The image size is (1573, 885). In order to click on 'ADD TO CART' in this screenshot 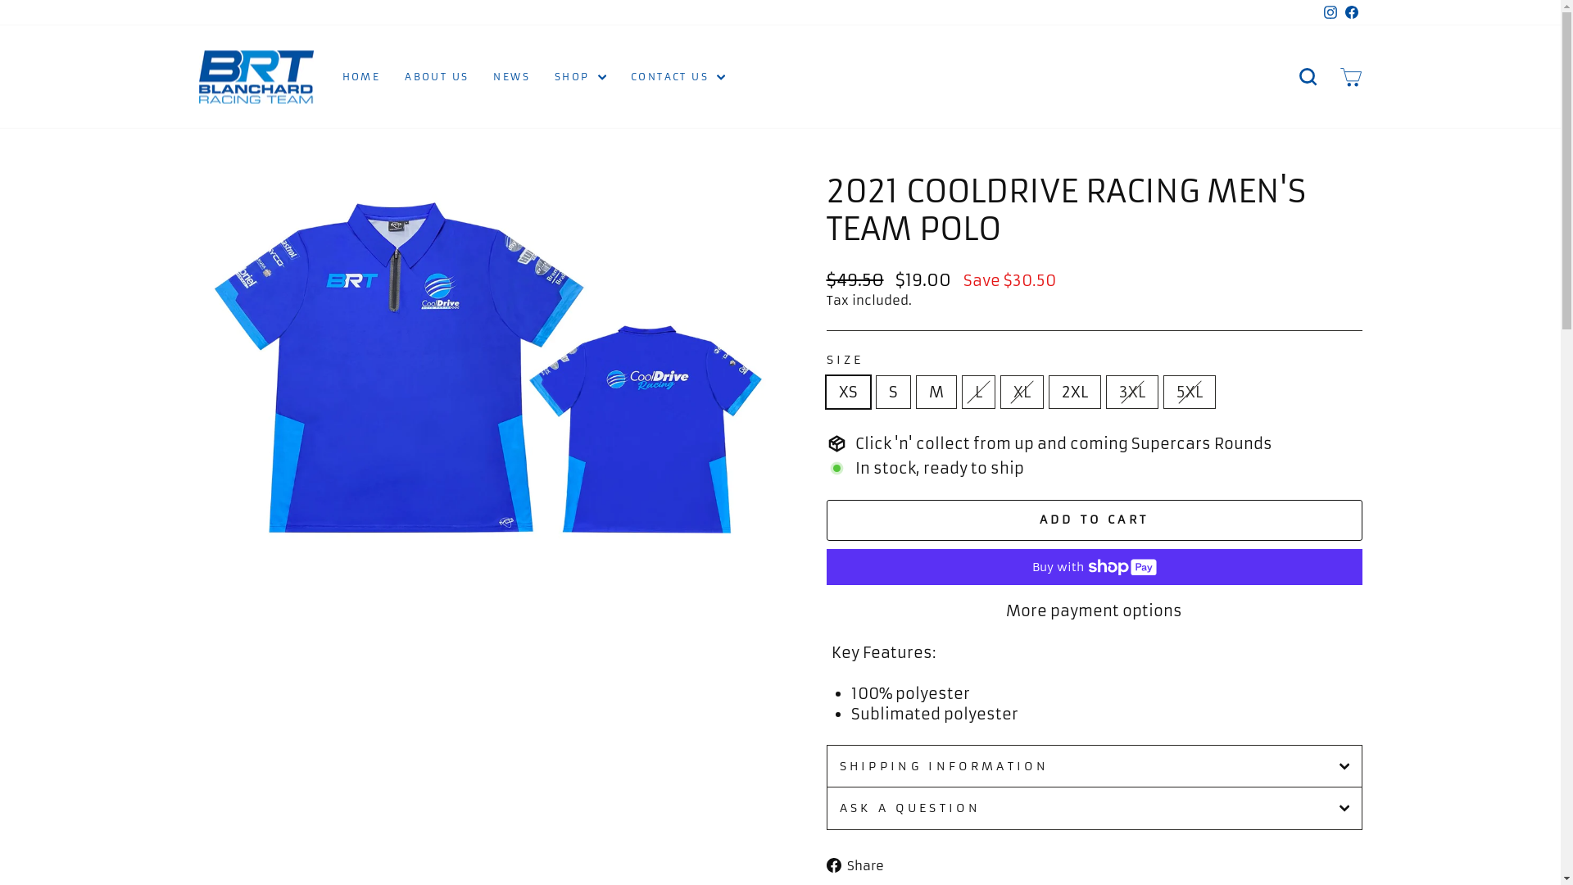, I will do `click(1093, 520)`.